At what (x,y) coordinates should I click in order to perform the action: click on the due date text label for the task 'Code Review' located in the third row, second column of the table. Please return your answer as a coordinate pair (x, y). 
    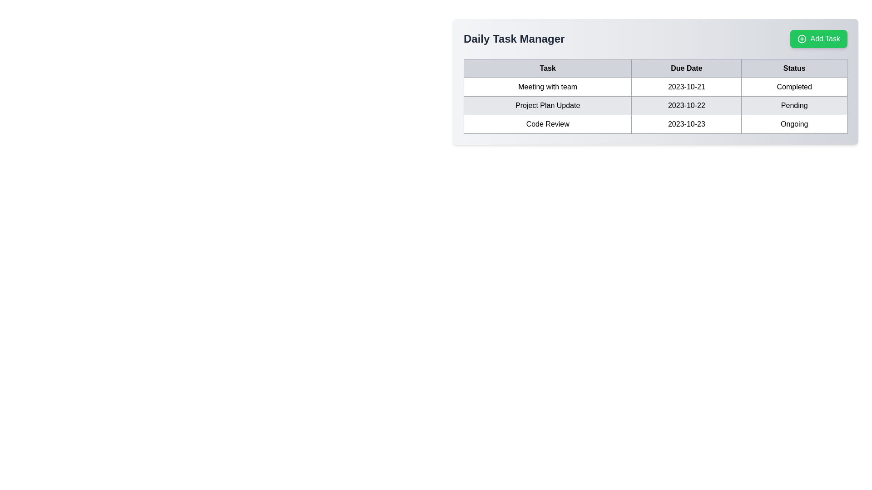
    Looking at the image, I should click on (686, 124).